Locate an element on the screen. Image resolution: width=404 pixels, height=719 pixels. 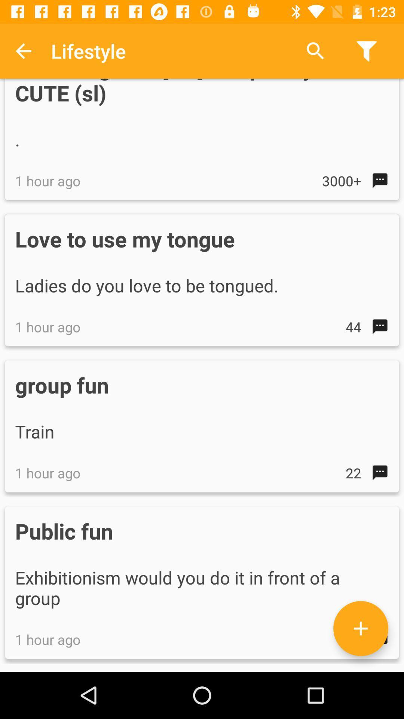
icon next to lifestyle icon is located at coordinates (23, 51).